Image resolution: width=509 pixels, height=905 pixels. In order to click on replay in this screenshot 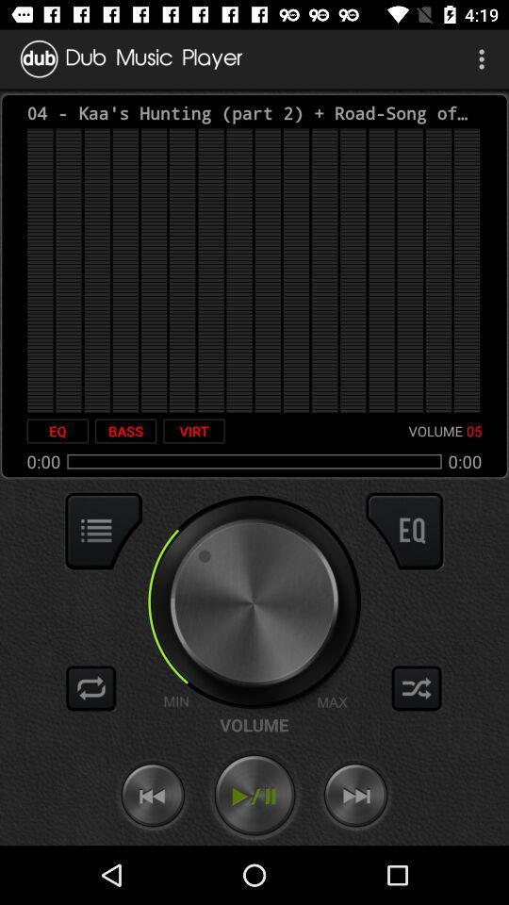, I will do `click(90, 687)`.